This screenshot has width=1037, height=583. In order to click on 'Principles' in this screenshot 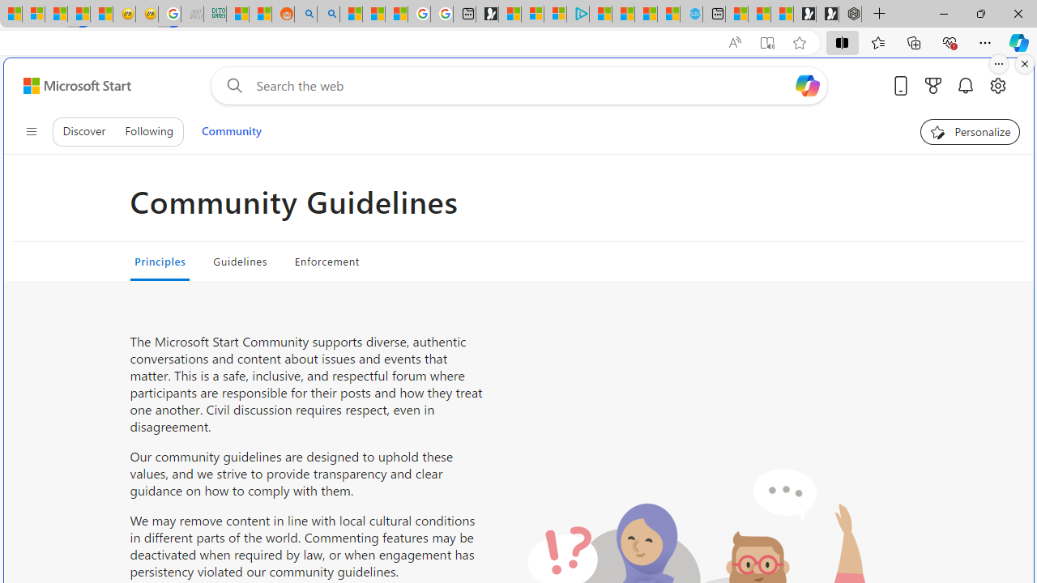, I will do `click(160, 260)`.